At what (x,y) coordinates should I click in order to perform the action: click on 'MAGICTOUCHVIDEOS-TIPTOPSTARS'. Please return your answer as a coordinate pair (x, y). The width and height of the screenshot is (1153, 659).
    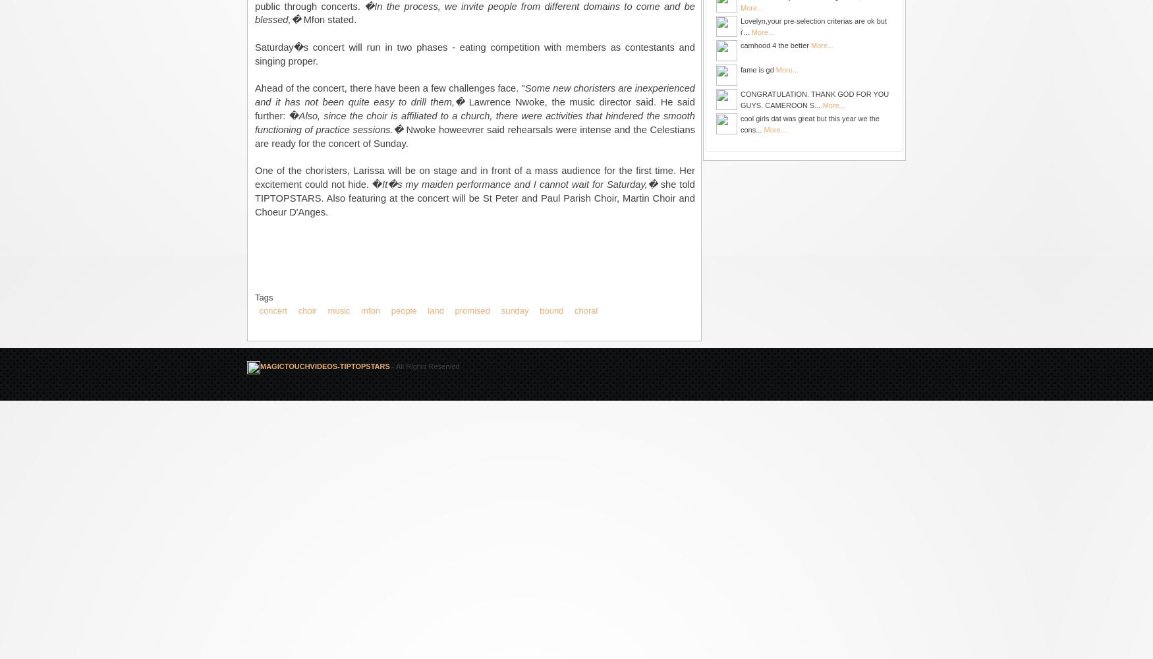
    Looking at the image, I should click on (324, 366).